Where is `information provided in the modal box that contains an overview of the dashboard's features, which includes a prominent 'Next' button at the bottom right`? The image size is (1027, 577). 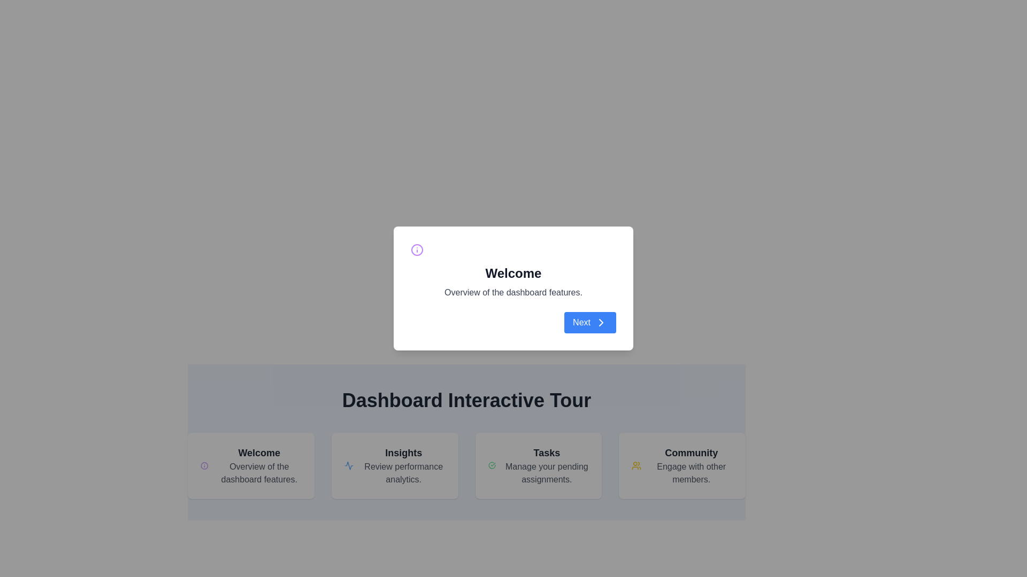
information provided in the modal box that contains an overview of the dashboard's features, which includes a prominent 'Next' button at the bottom right is located at coordinates (513, 287).